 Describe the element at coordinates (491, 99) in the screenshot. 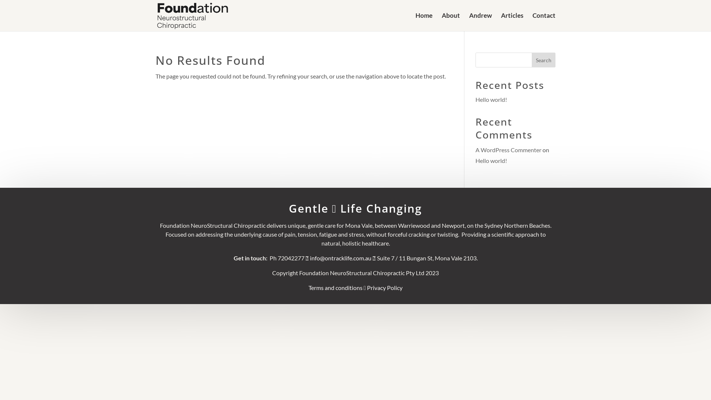

I see `'Hello world!'` at that location.